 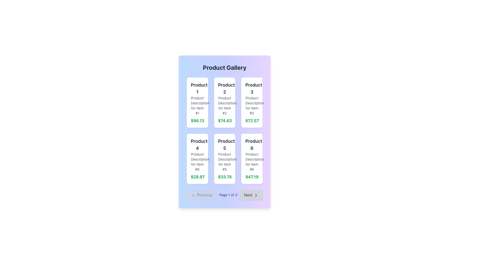 I want to click on price text associated with 'Product 4' located at the bottom of the 'Product 4' card in the second row, leftmost column of the grid layout, so click(x=197, y=177).